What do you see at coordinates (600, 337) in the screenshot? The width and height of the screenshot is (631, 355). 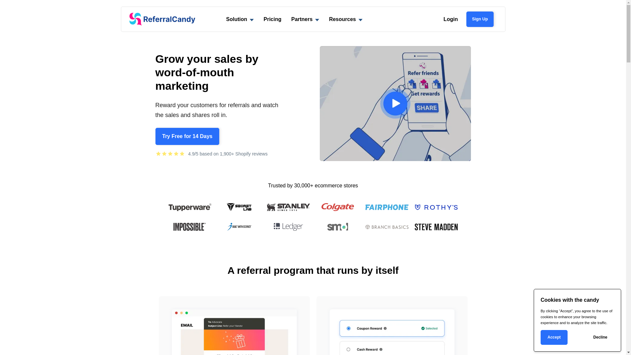 I see `'Decline'` at bounding box center [600, 337].